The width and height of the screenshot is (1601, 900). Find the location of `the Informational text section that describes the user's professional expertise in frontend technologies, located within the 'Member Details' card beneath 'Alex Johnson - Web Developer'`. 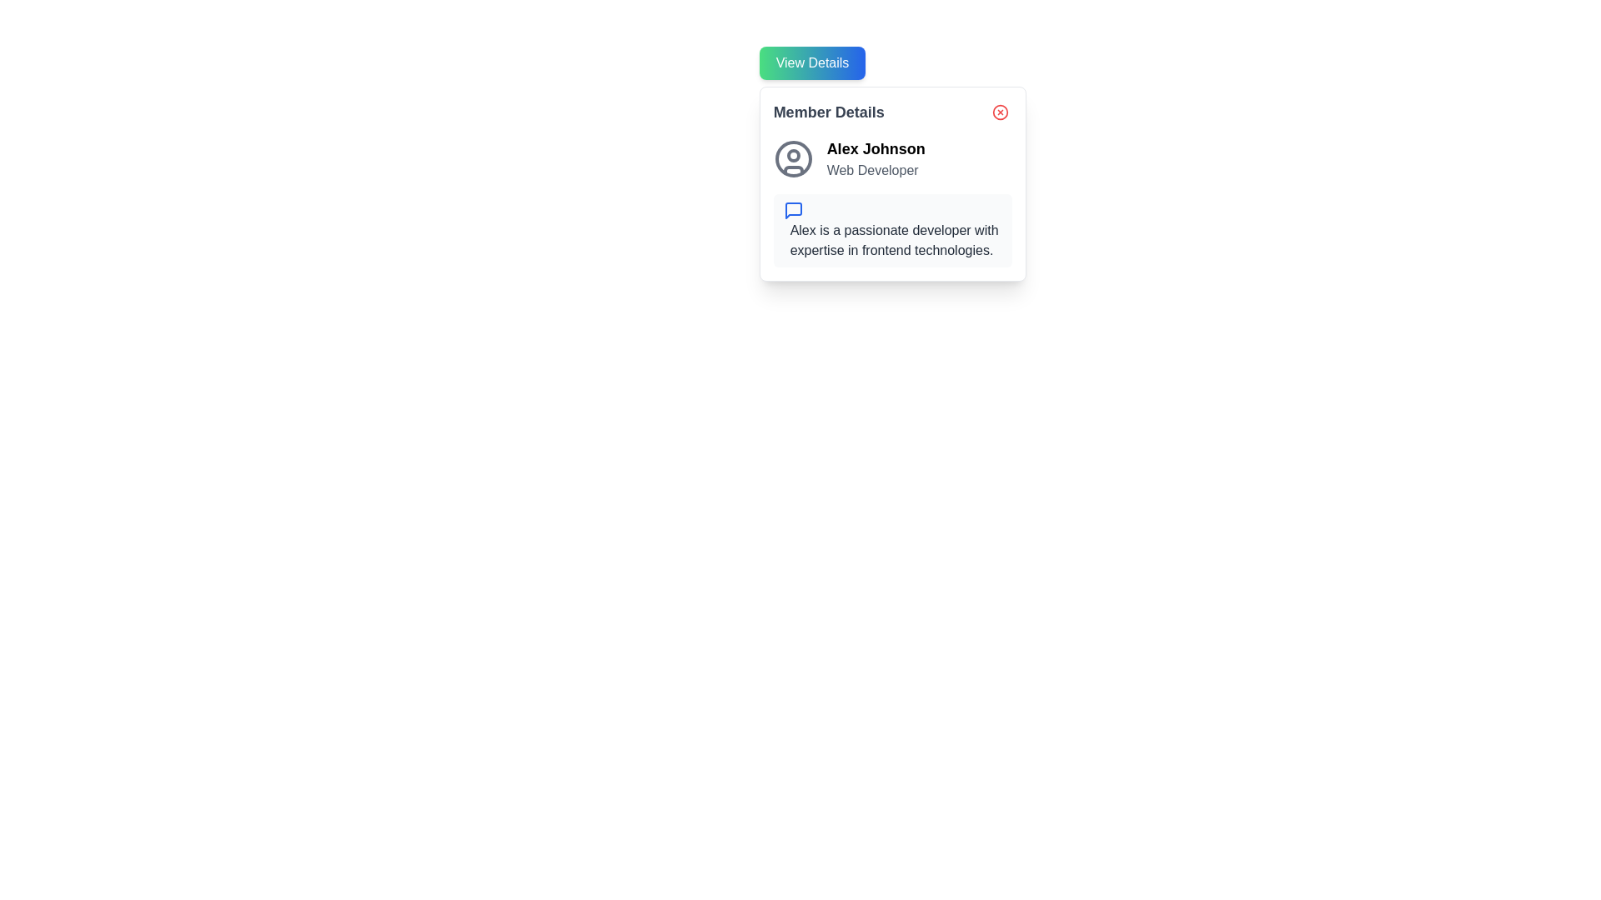

the Informational text section that describes the user's professional expertise in frontend technologies, located within the 'Member Details' card beneath 'Alex Johnson - Web Developer' is located at coordinates (891, 231).